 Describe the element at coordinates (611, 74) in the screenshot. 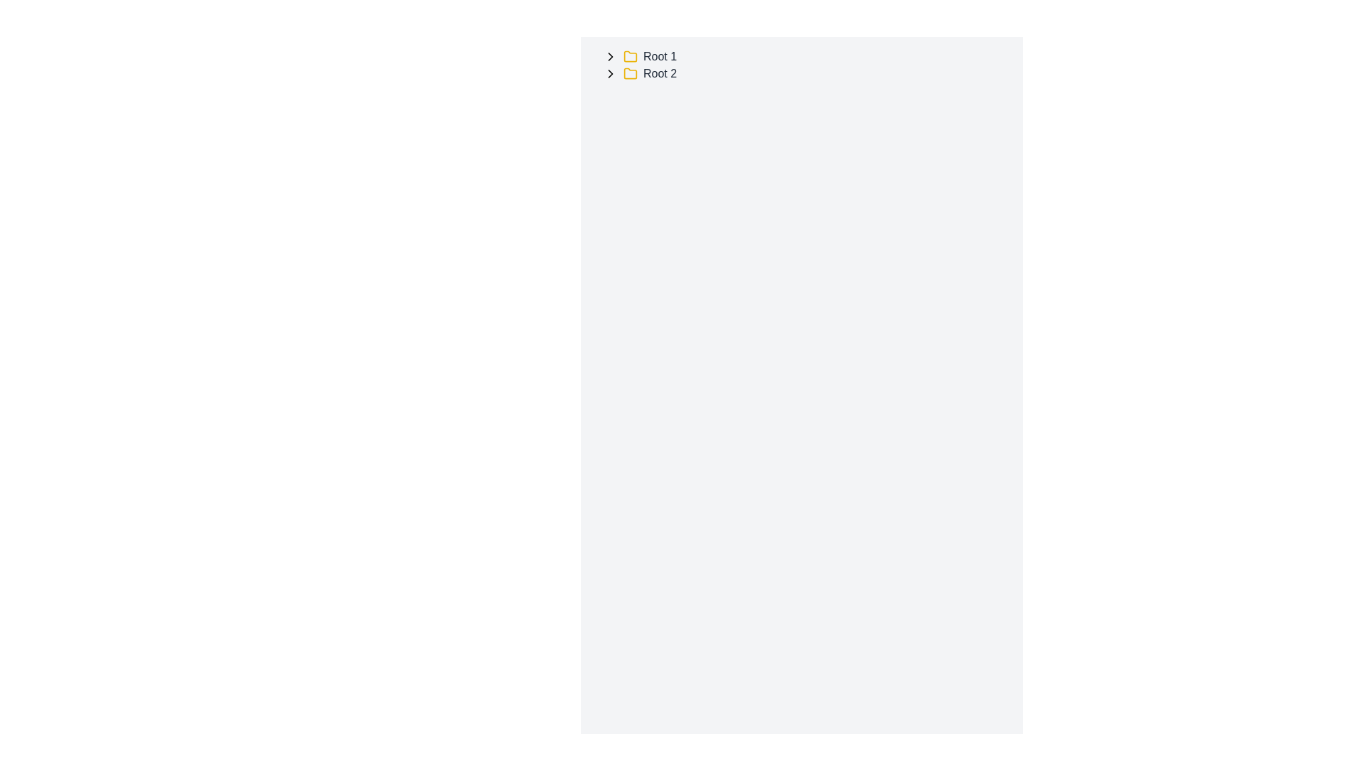

I see `the right-pointing arrow icon located above the 'Root 2' text` at that location.